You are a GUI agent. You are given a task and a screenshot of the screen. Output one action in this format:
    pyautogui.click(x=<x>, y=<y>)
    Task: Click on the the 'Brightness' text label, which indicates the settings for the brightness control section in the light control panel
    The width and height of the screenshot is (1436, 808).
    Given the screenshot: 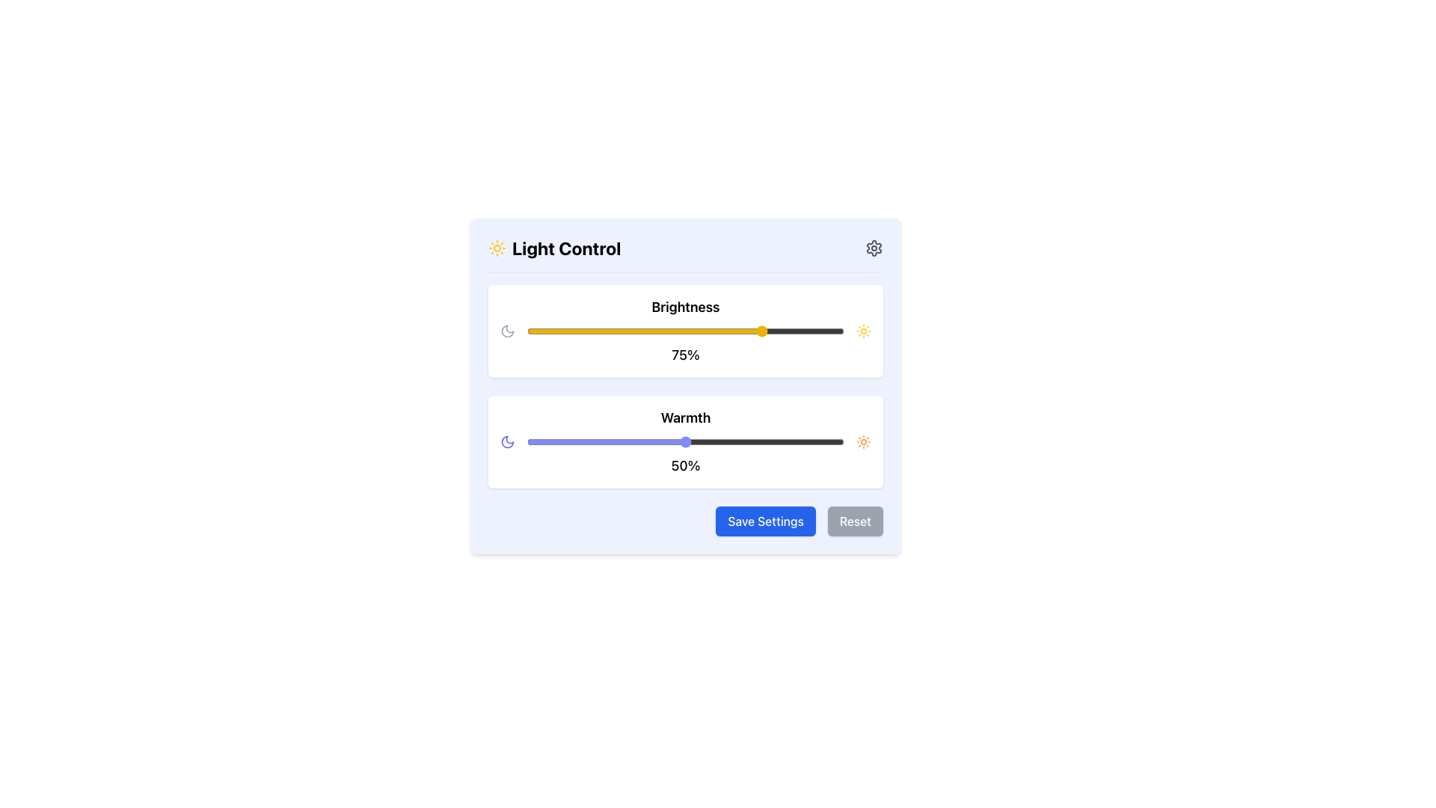 What is the action you would take?
    pyautogui.click(x=684, y=307)
    